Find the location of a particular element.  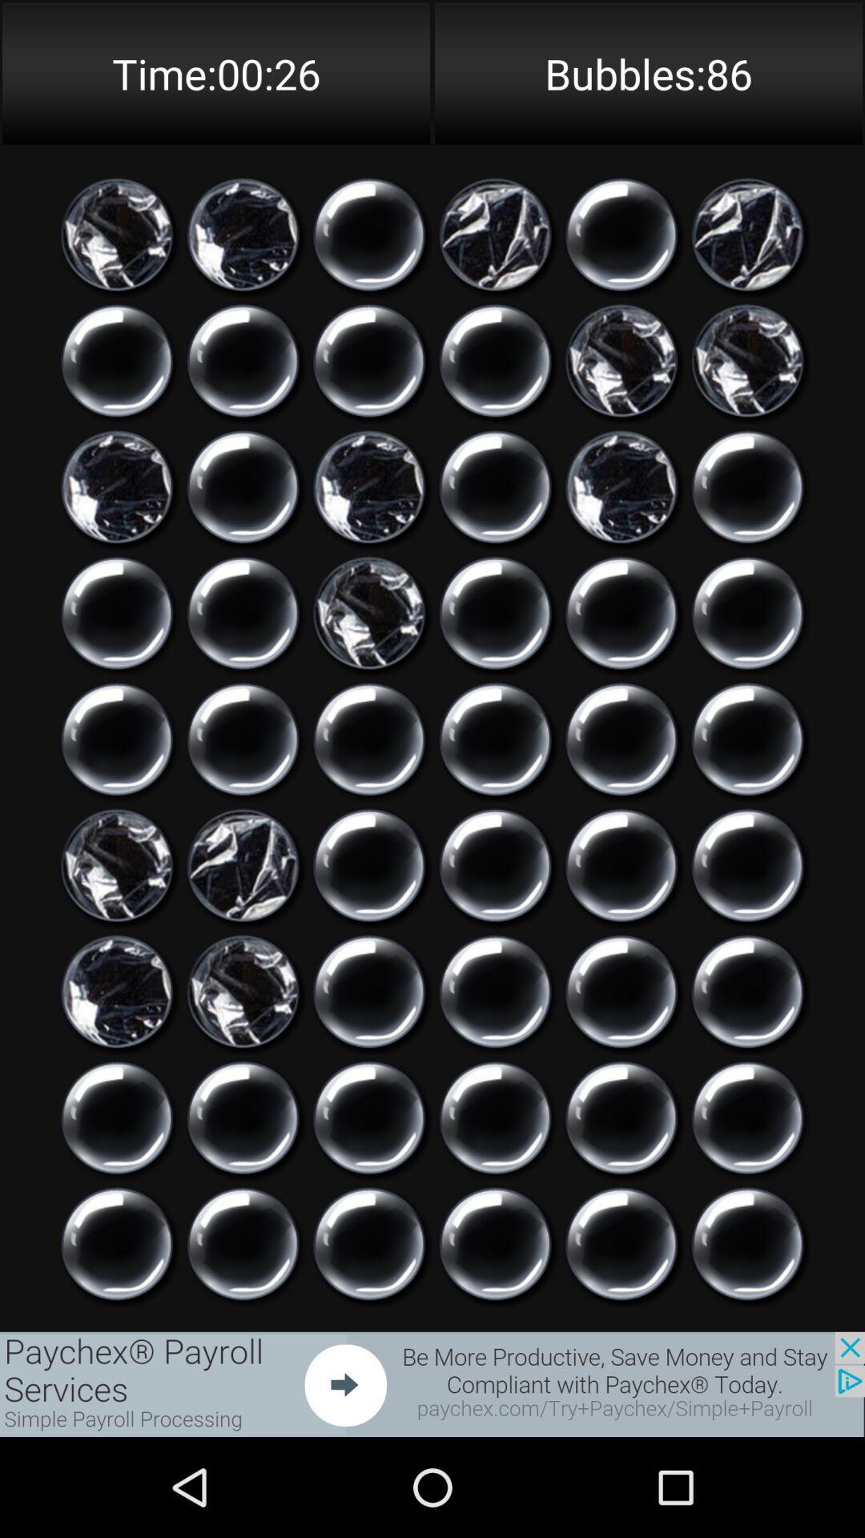

bubble is located at coordinates (243, 739).